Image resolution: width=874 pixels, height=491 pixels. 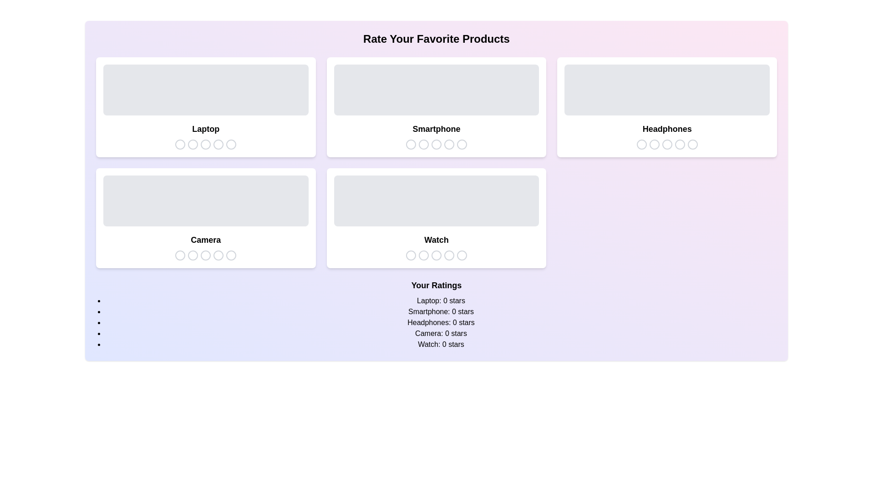 What do you see at coordinates (410, 144) in the screenshot?
I see `the star icon corresponding to 1 stars for the product Smartphone` at bounding box center [410, 144].